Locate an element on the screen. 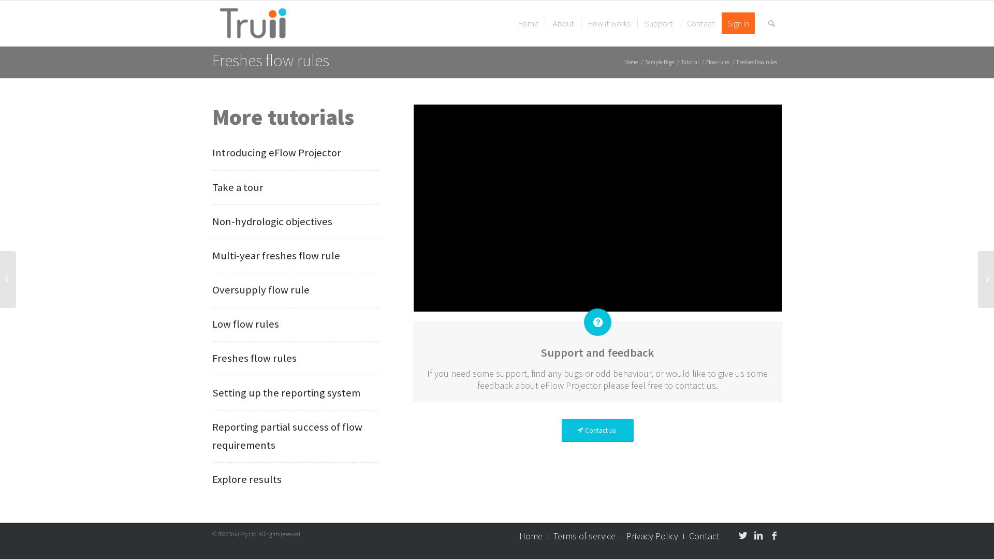 This screenshot has width=994, height=559. 'Twitter' is located at coordinates (742, 535).